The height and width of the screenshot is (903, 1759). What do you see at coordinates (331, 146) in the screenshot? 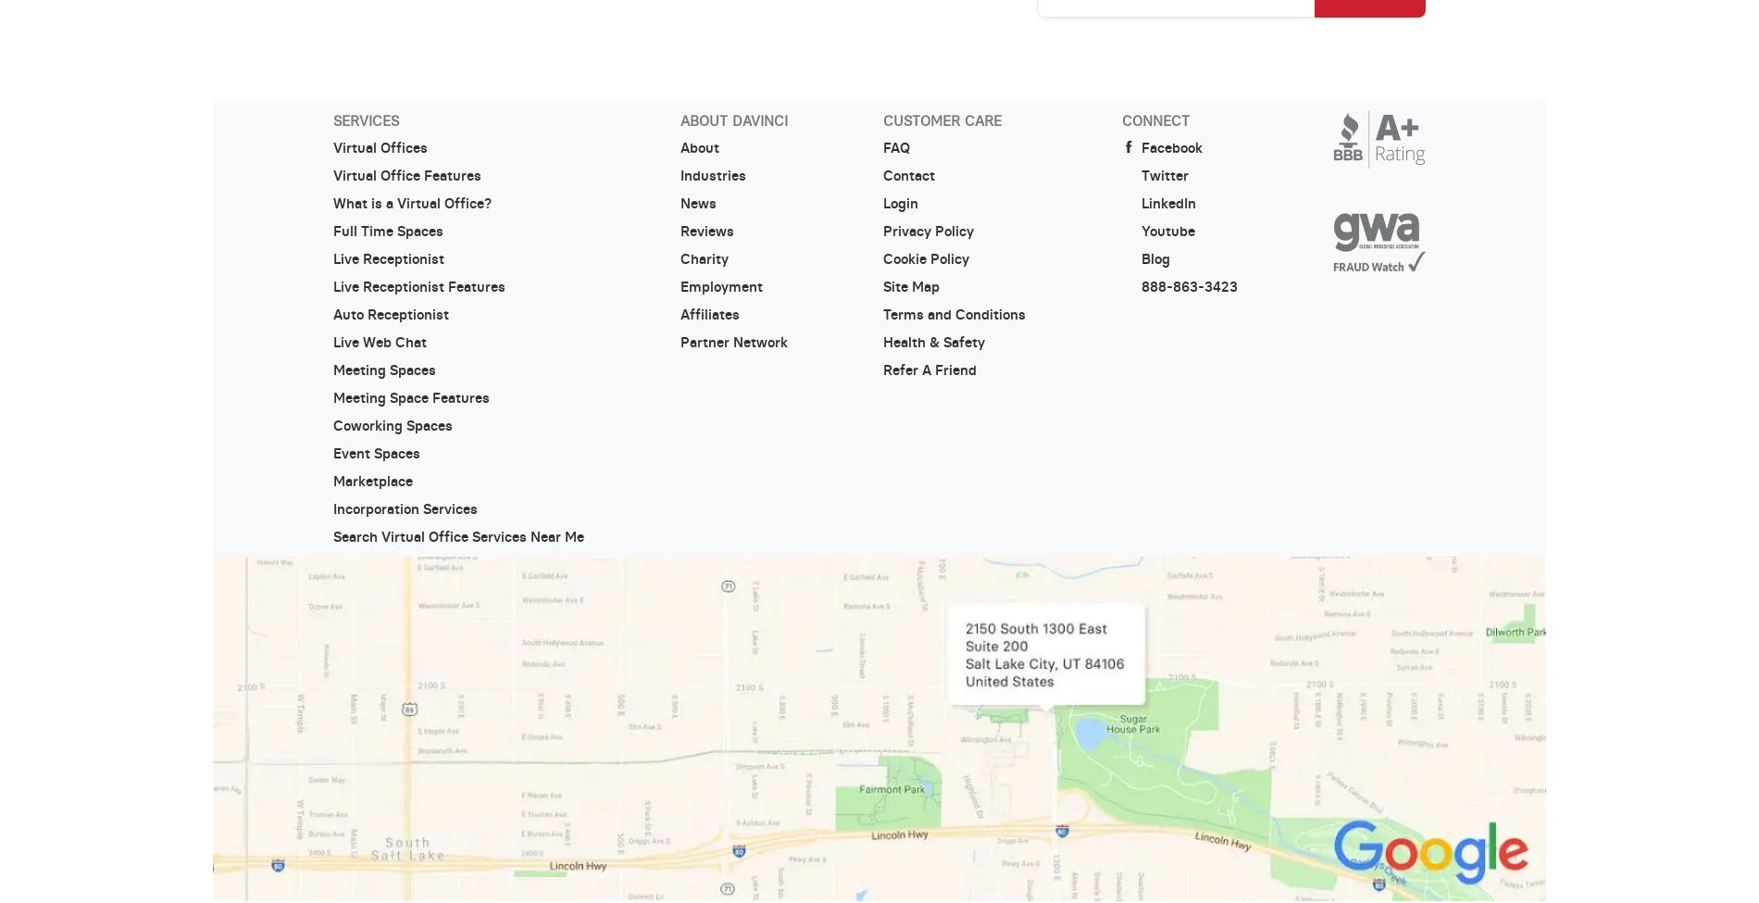
I see `'Virtual Offices'` at bounding box center [331, 146].